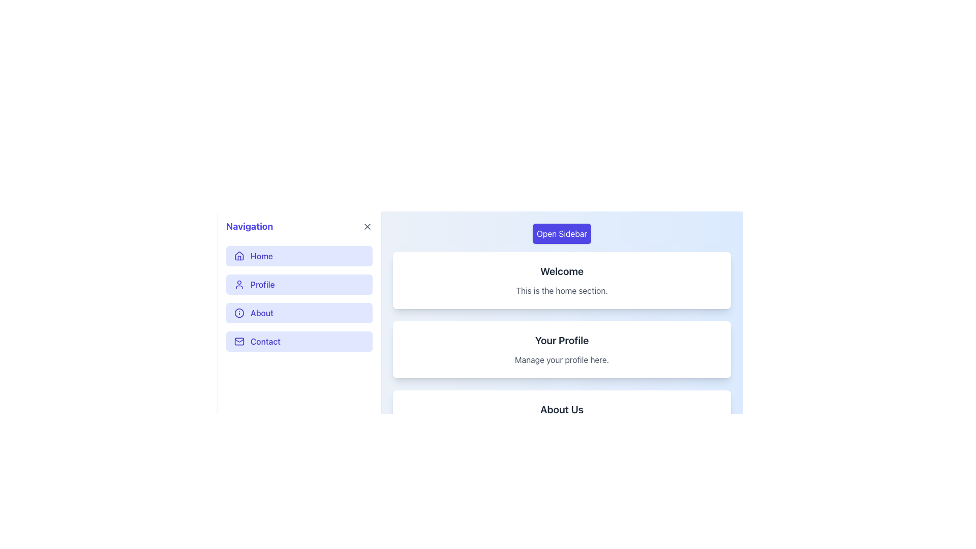  I want to click on the 'About' button in the vertical navigation menu to change its background color, so click(299, 313).